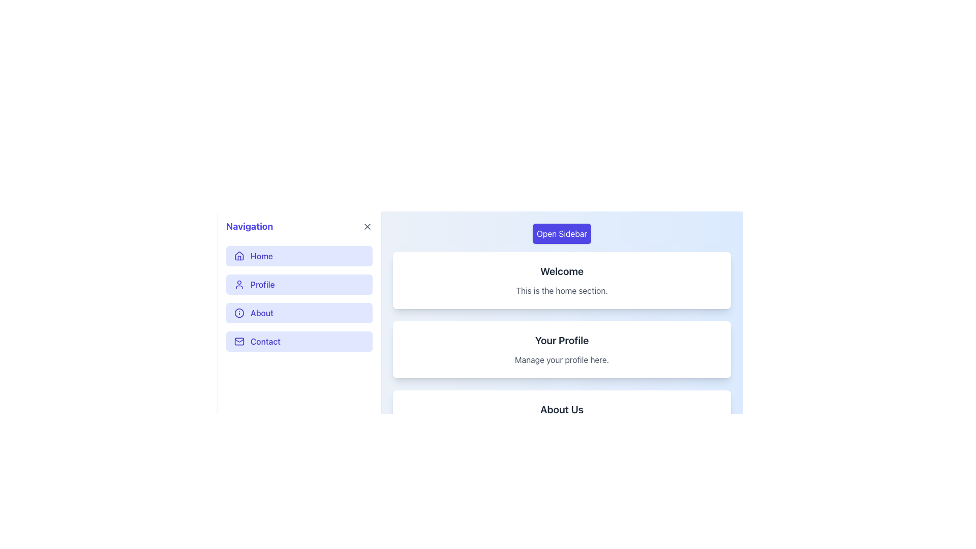  I want to click on the 'About' button in the vertical navigation menu to change its background color, so click(299, 313).